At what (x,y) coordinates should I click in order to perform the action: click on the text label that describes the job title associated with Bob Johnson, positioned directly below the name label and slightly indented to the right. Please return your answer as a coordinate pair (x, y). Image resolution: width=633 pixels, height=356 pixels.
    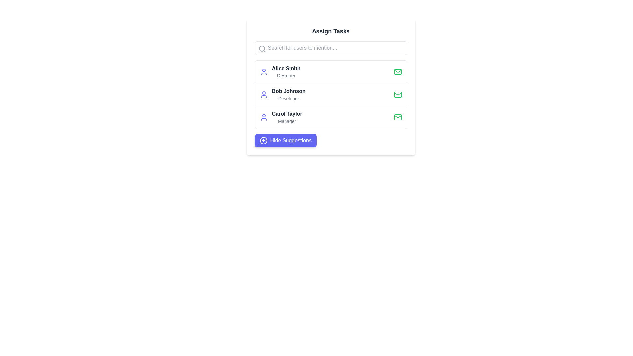
    Looking at the image, I should click on (288, 99).